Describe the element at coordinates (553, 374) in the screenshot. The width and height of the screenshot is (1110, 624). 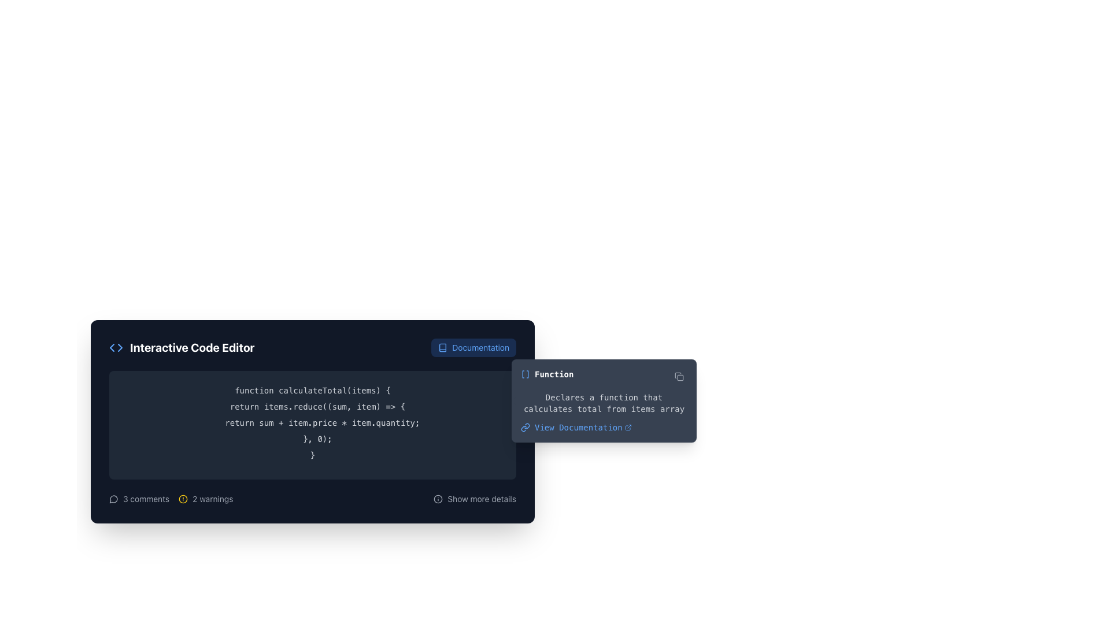
I see `text content of the 'Function' label, which is a small, bold, white text aligned to the right of an icon resembling brackets on a dark background` at that location.